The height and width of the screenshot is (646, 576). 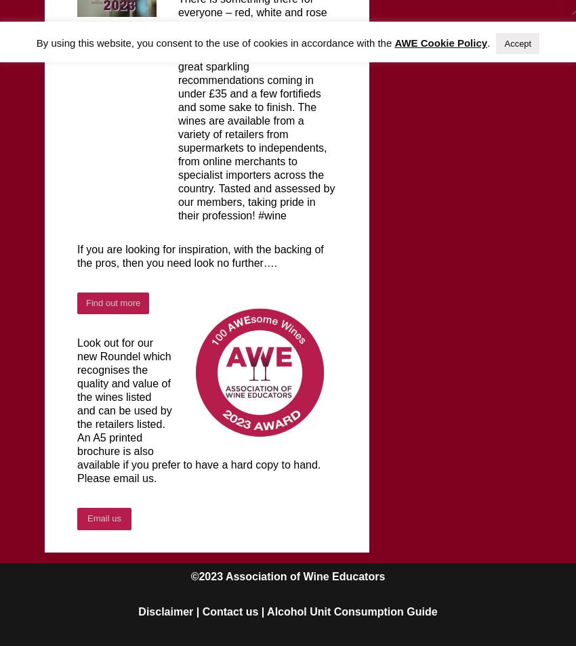 I want to click on 'Look out for our new Roundel which recognises the quality and value of the wines listed and can be used by the retailers listed. An A5 printed brochure is also available if you prefer to have a hard copy to hand. Please email us.', so click(x=198, y=410).